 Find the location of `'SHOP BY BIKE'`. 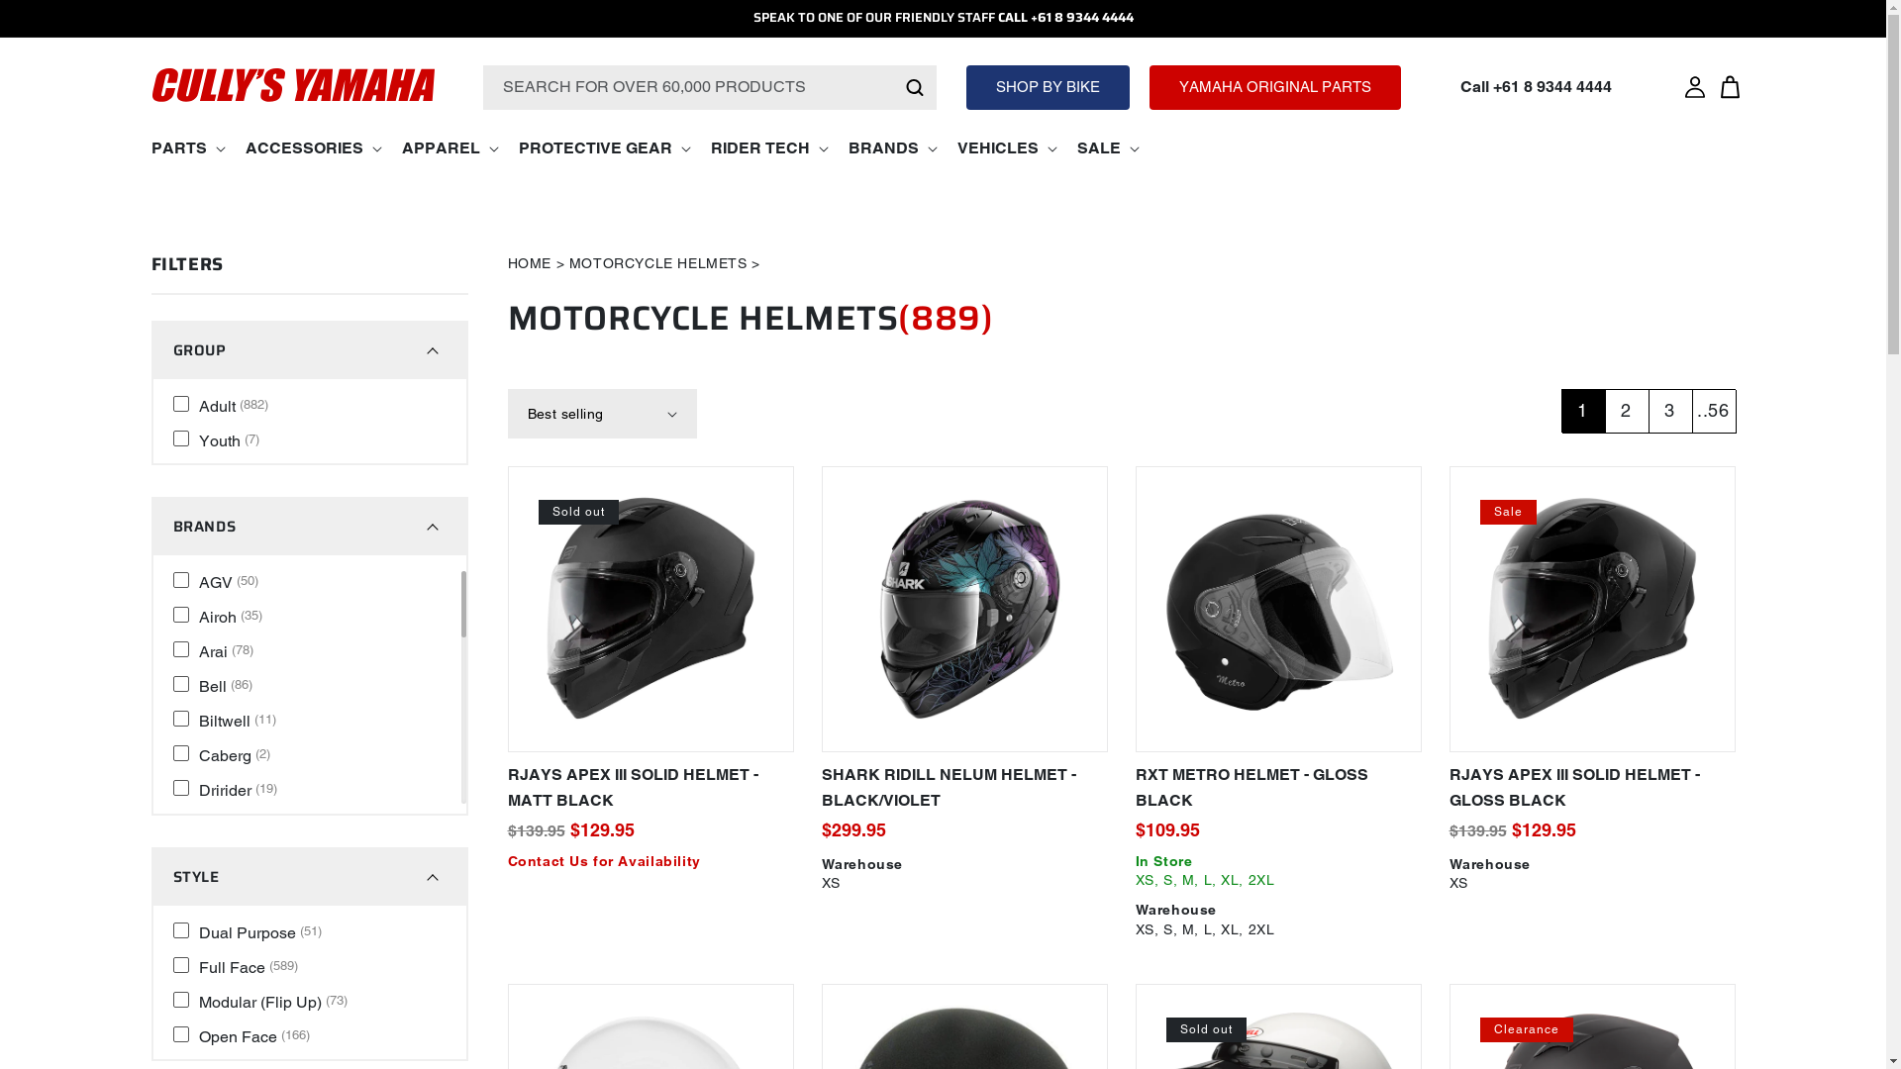

'SHOP BY BIKE' is located at coordinates (1047, 86).